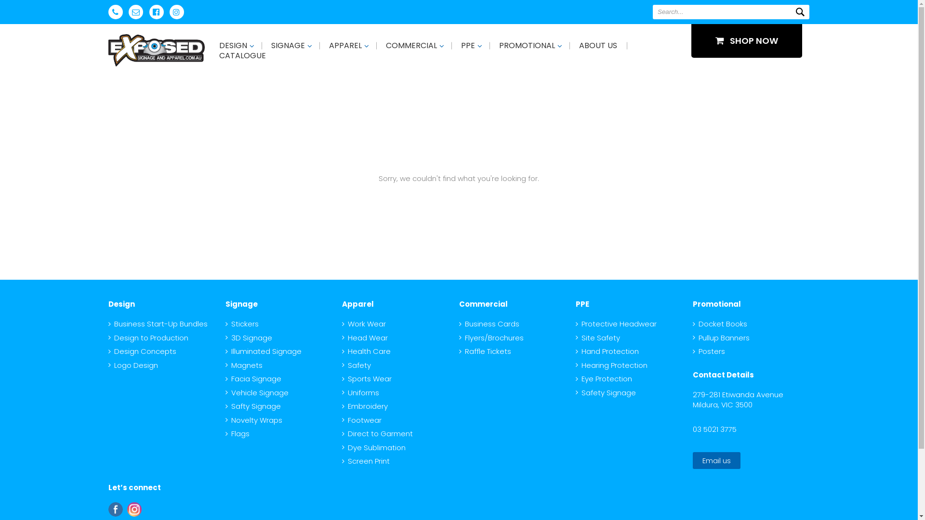 The image size is (925, 520). I want to click on 'Commercial', so click(483, 304).